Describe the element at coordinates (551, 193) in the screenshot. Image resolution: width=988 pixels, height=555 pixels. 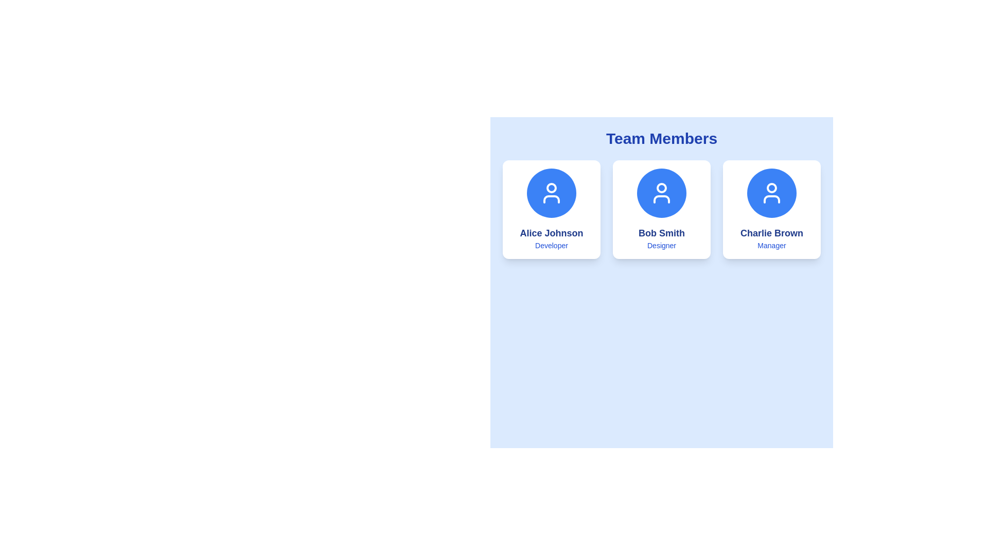
I see `the profile image icon of 'Alice Johnson'` at that location.